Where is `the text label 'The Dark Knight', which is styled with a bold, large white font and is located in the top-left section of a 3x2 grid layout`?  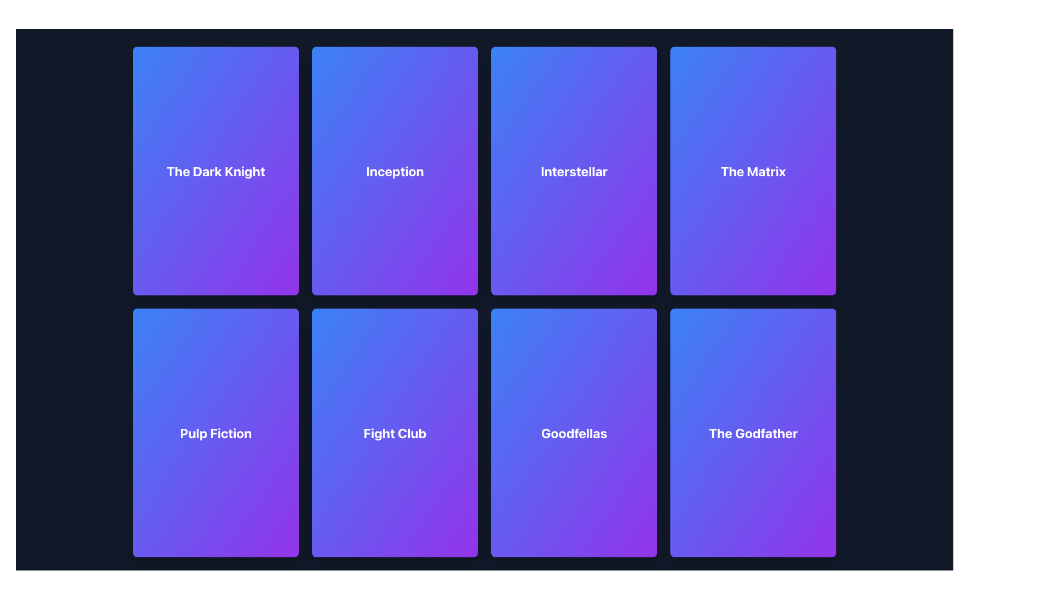 the text label 'The Dark Knight', which is styled with a bold, large white font and is located in the top-left section of a 3x2 grid layout is located at coordinates (216, 171).